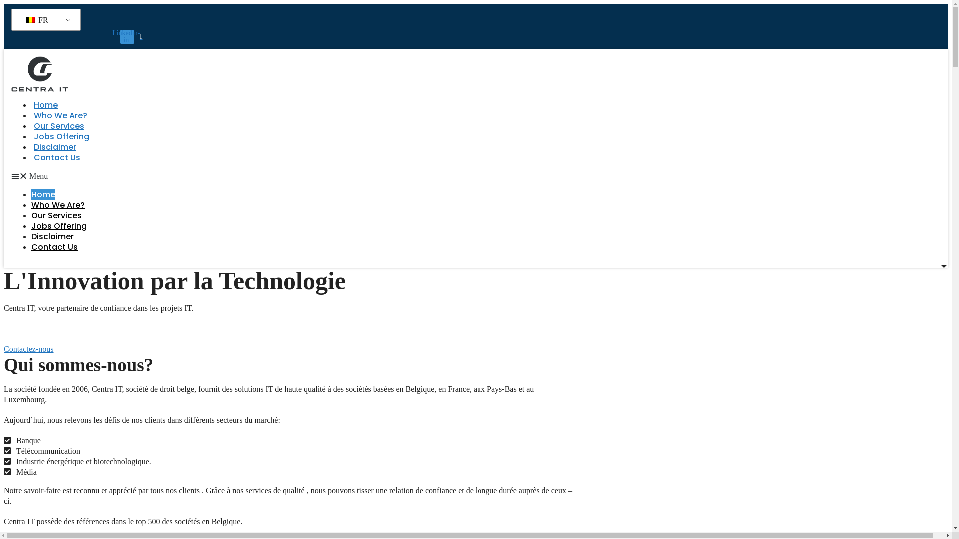  What do you see at coordinates (54, 147) in the screenshot?
I see `'Disclaimer'` at bounding box center [54, 147].